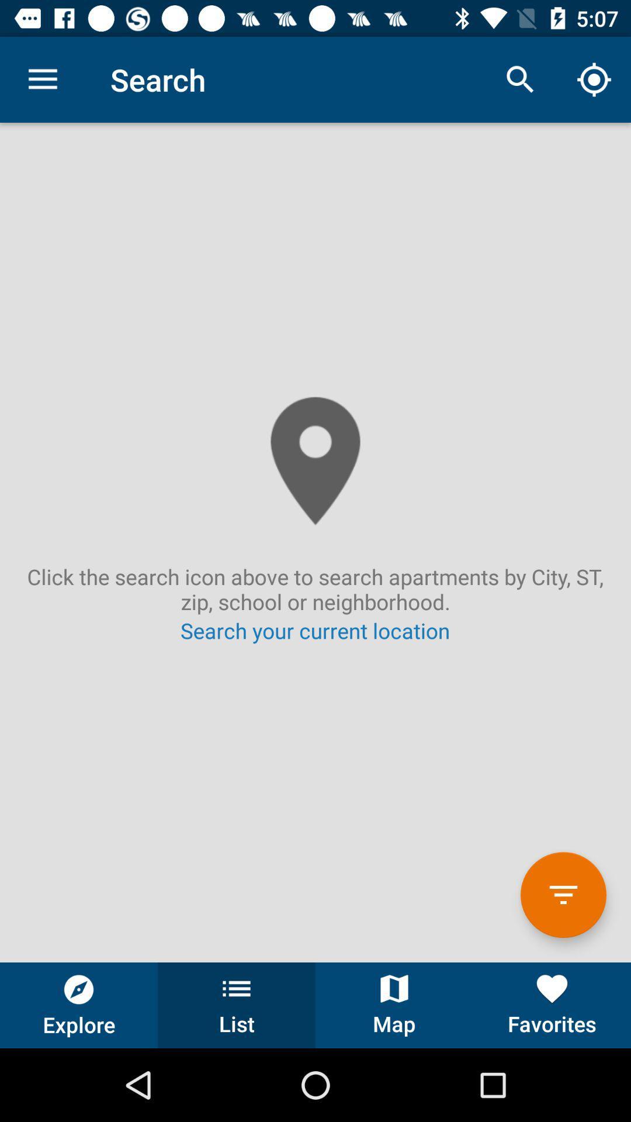 This screenshot has width=631, height=1122. Describe the element at coordinates (563, 894) in the screenshot. I see `the filter_list icon` at that location.